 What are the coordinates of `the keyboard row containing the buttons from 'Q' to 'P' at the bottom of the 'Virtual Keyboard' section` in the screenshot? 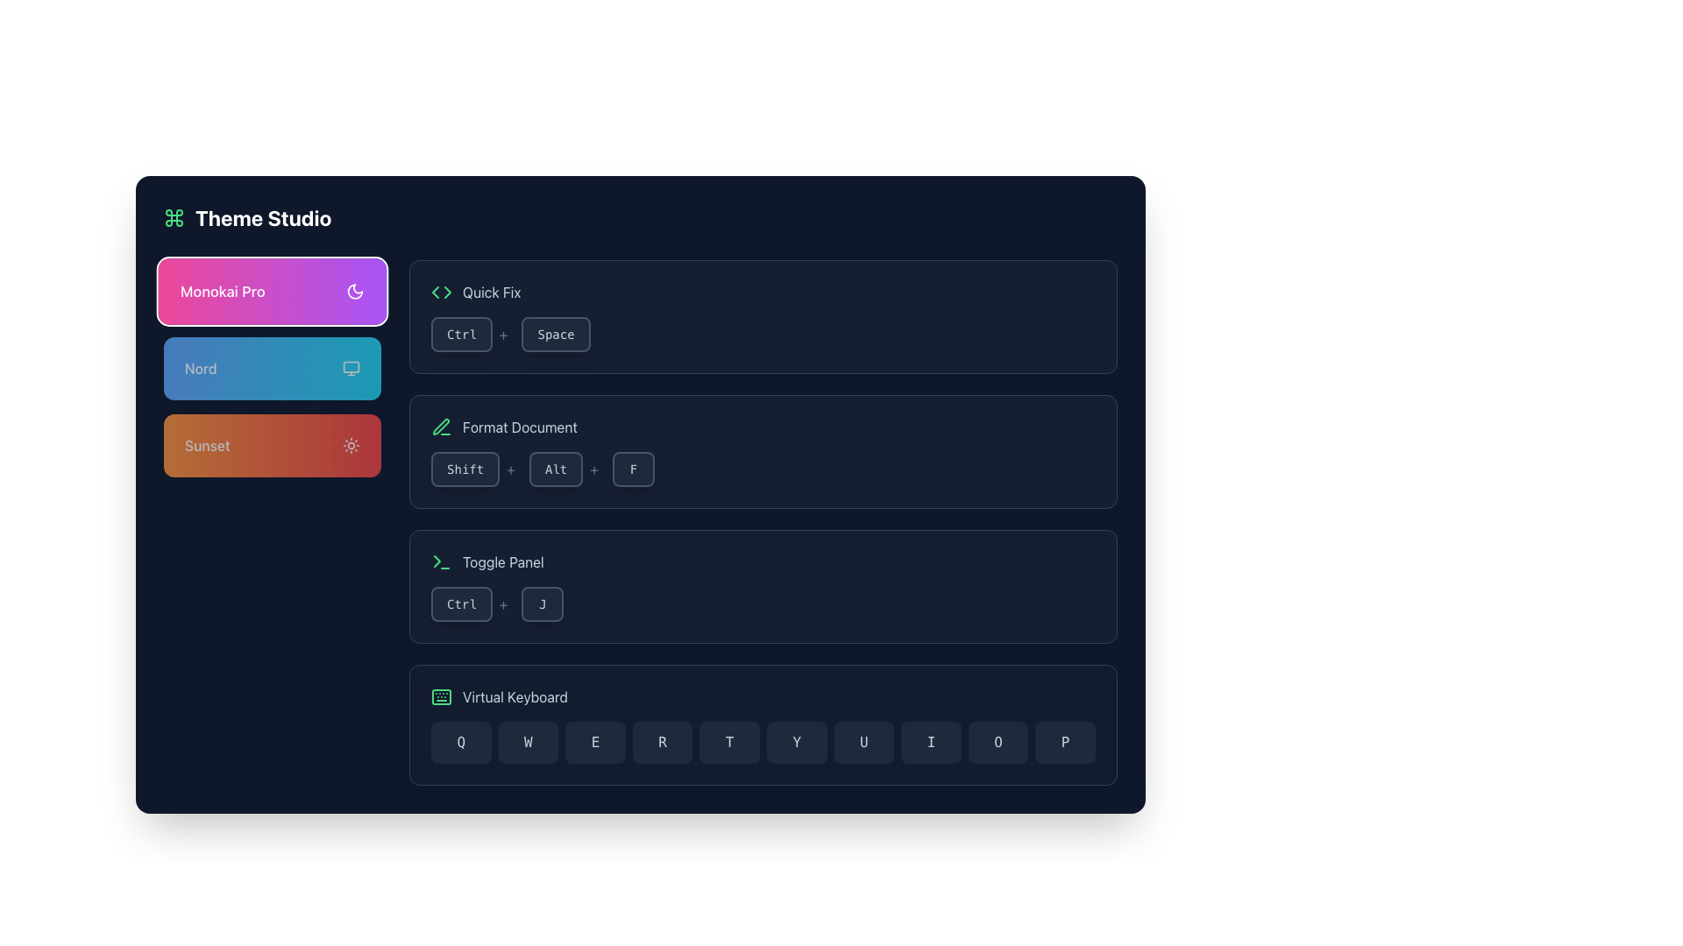 It's located at (763, 743).